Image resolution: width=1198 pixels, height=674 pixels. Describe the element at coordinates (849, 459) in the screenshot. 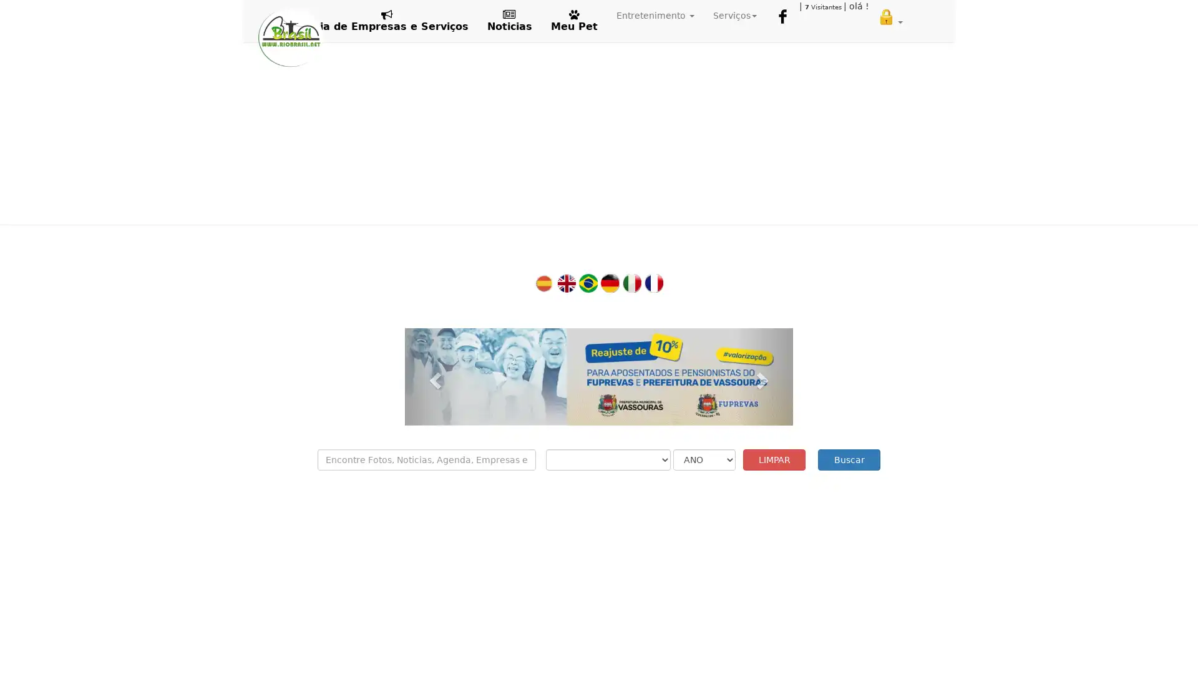

I see `Buscar` at that location.